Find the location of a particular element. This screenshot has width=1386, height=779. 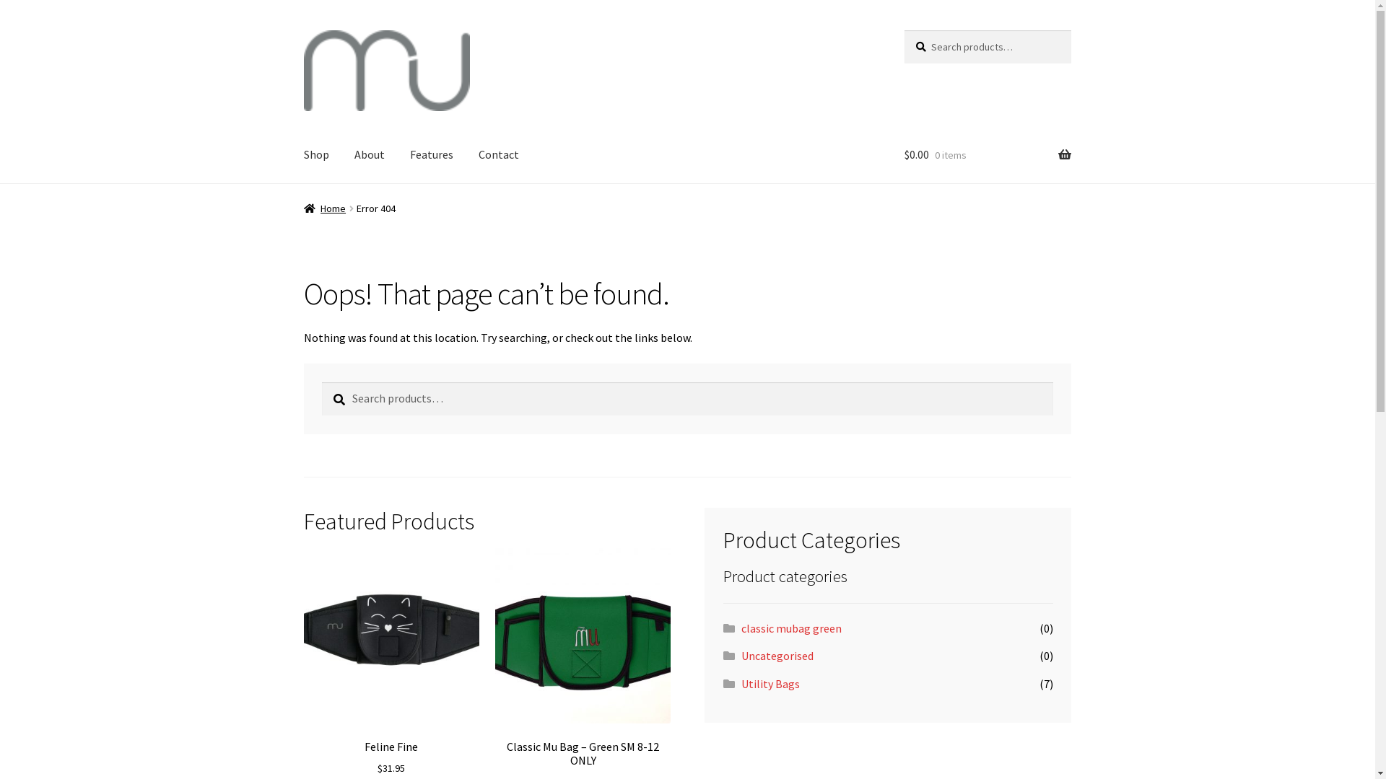

'Utility Bags' is located at coordinates (741, 683).